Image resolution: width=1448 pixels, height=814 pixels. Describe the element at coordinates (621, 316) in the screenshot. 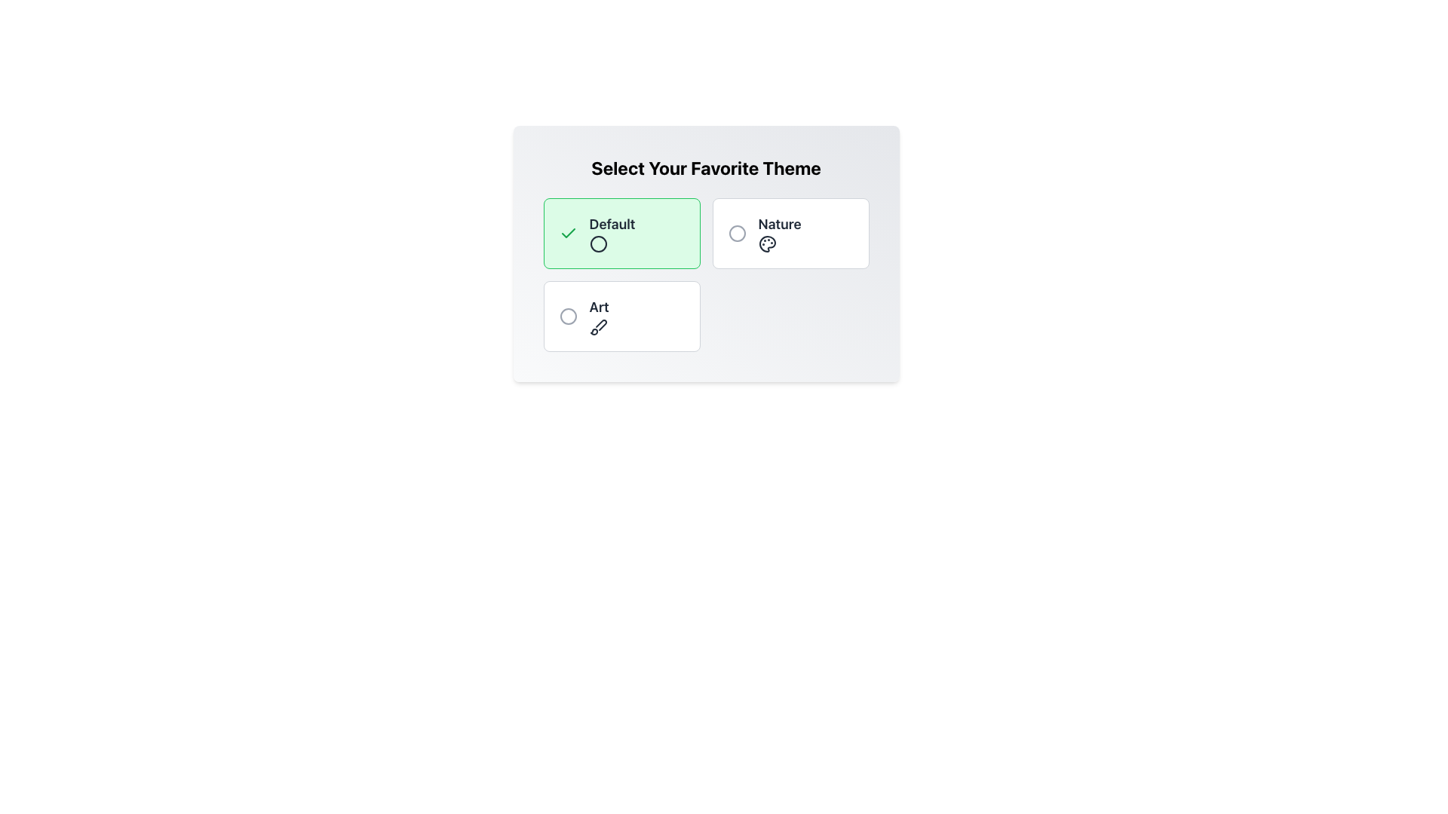

I see `the 'Art' selectable card with a radio button` at that location.